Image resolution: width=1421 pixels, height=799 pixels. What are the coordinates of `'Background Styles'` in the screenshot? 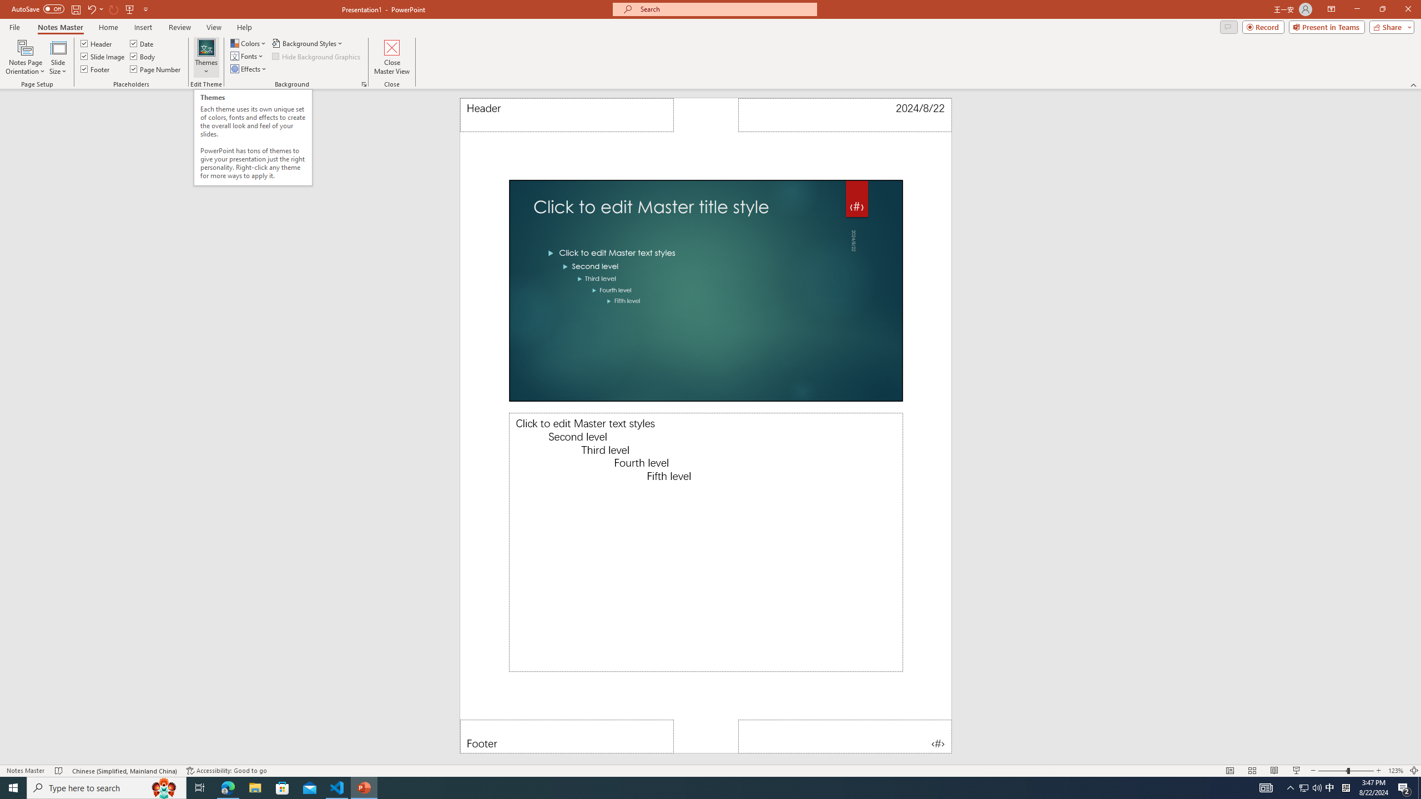 It's located at (308, 43).